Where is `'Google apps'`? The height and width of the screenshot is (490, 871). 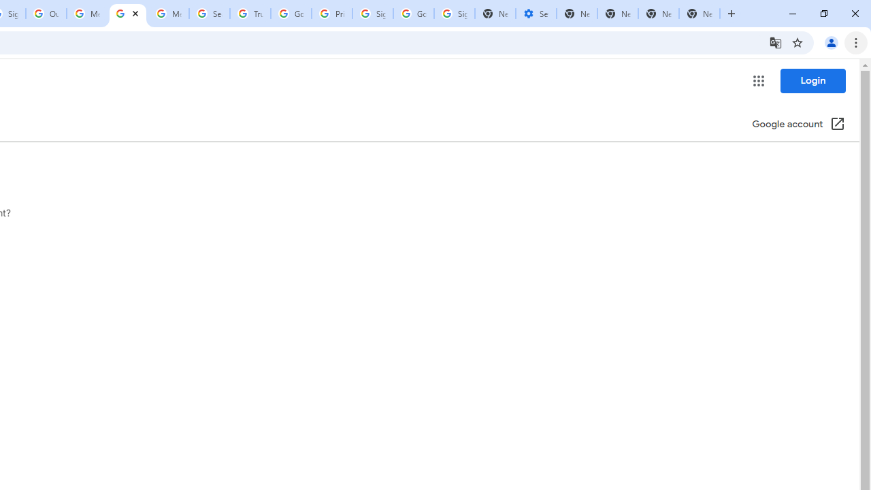 'Google apps' is located at coordinates (757, 81).